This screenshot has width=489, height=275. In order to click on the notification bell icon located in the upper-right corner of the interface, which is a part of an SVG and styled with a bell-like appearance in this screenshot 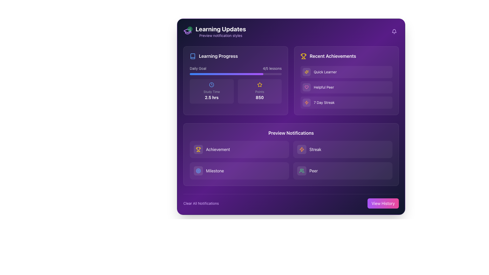, I will do `click(394, 31)`.